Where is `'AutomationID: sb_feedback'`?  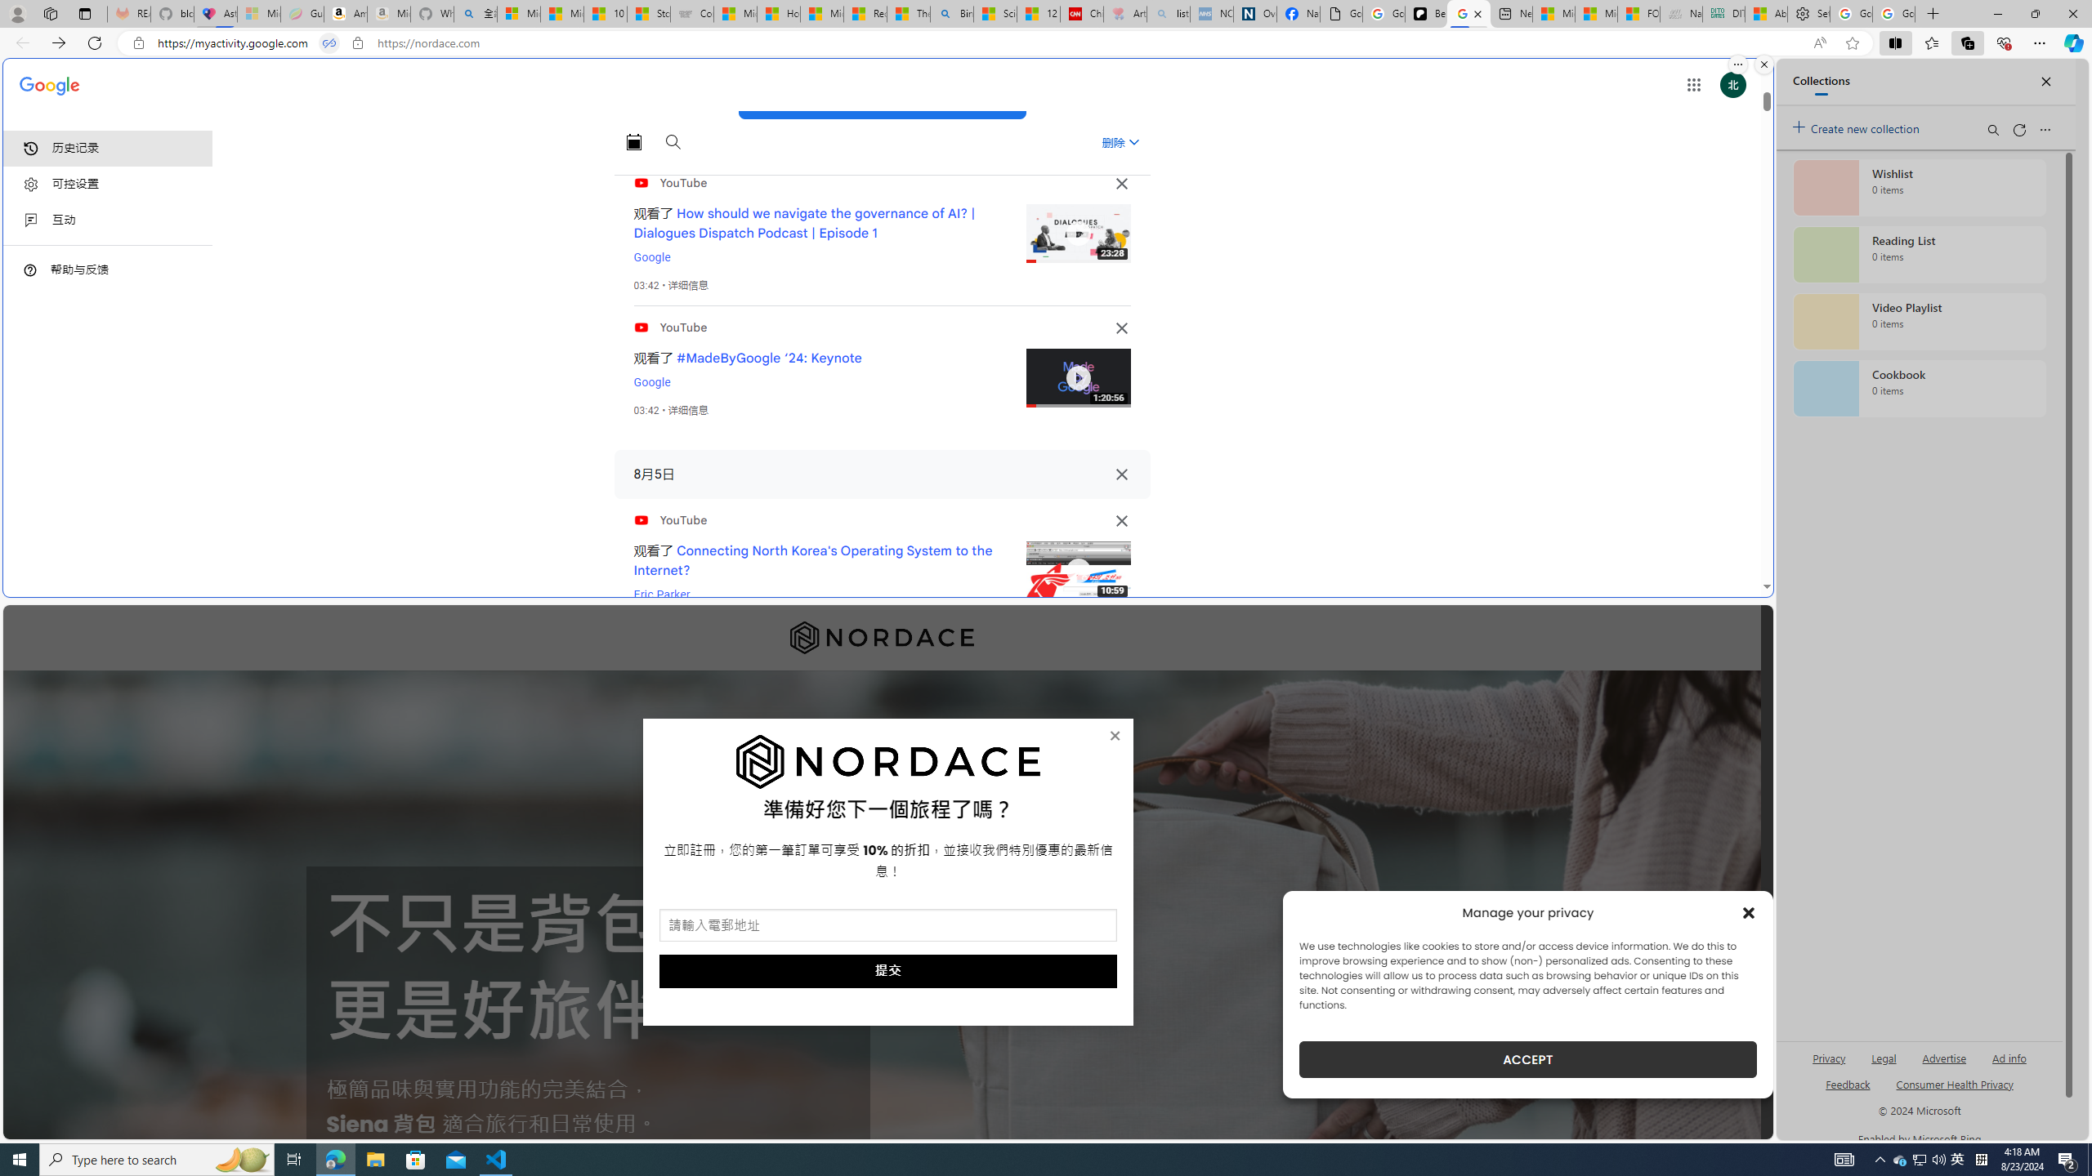 'AutomationID: sb_feedback' is located at coordinates (1848, 1082).